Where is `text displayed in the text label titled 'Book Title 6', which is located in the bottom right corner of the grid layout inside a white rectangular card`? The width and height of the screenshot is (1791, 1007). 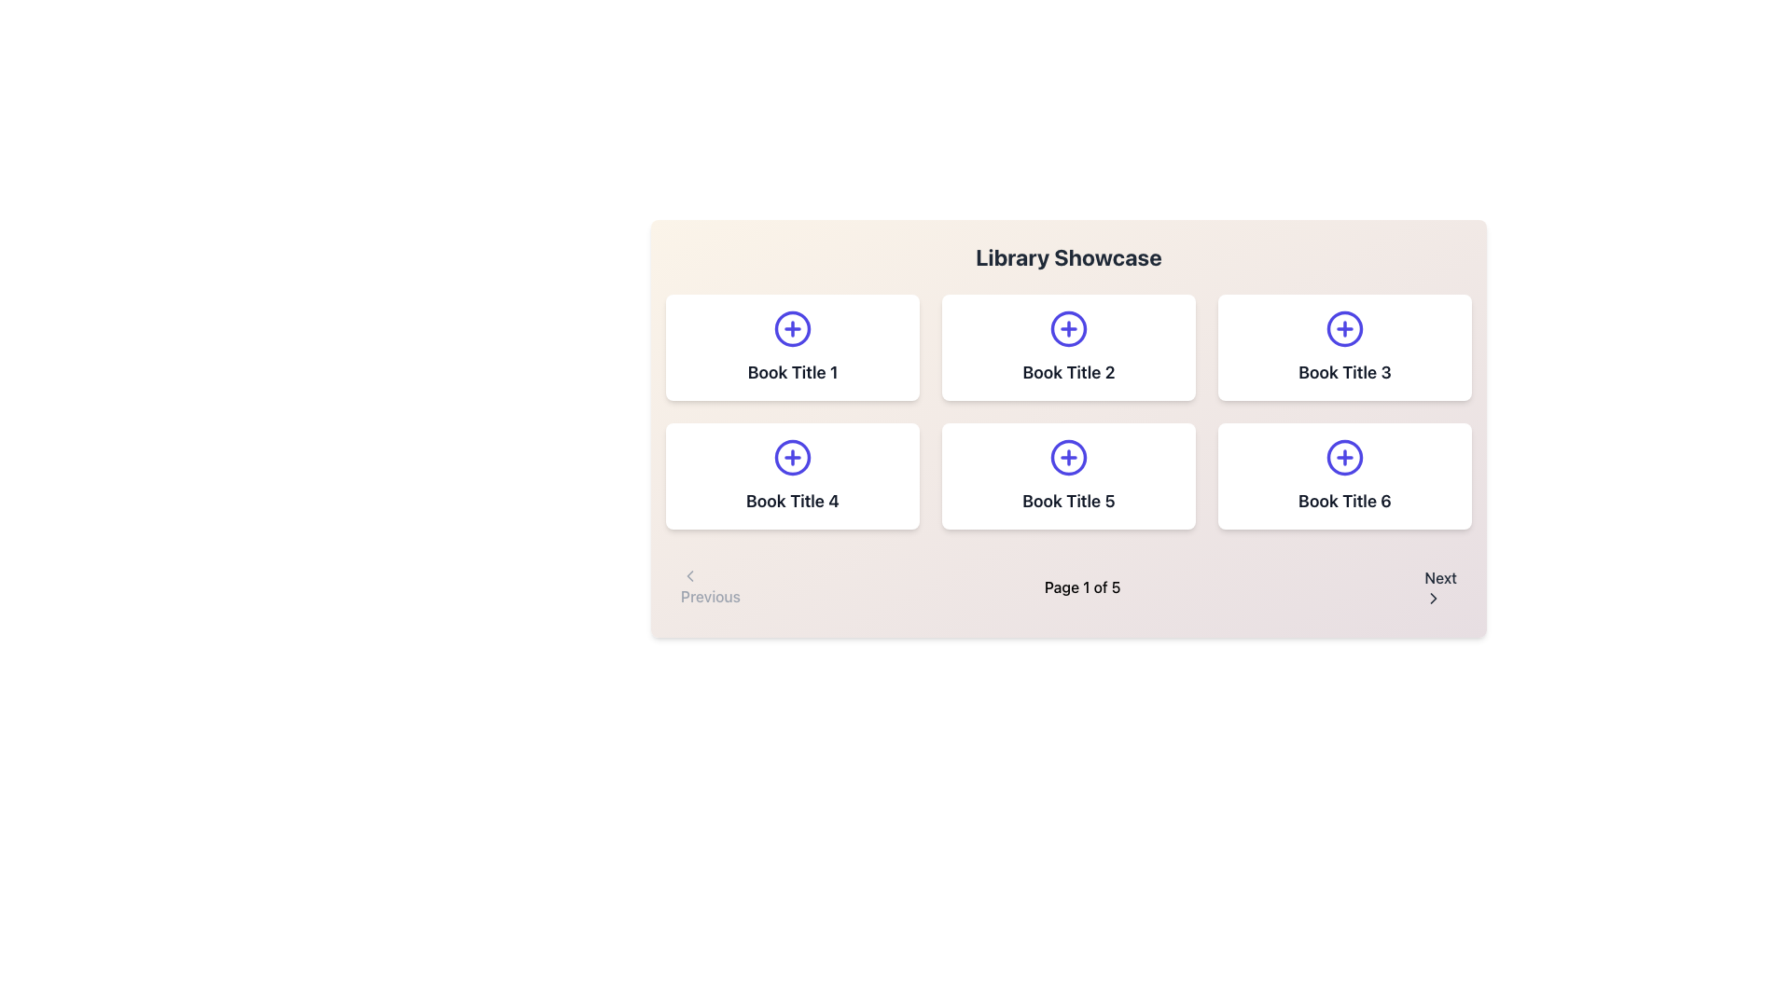 text displayed in the text label titled 'Book Title 6', which is located in the bottom right corner of the grid layout inside a white rectangular card is located at coordinates (1344, 500).